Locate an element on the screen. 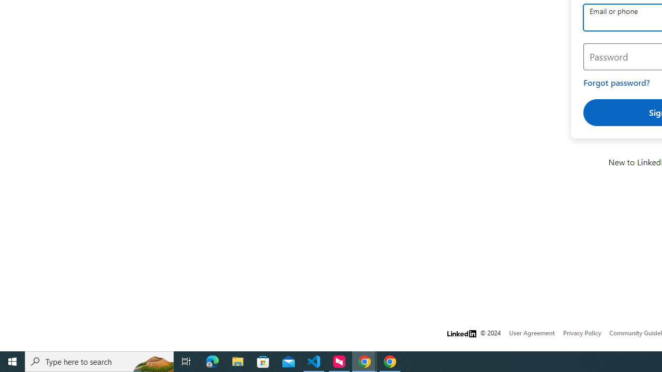  'User Agreement' is located at coordinates (532, 333).